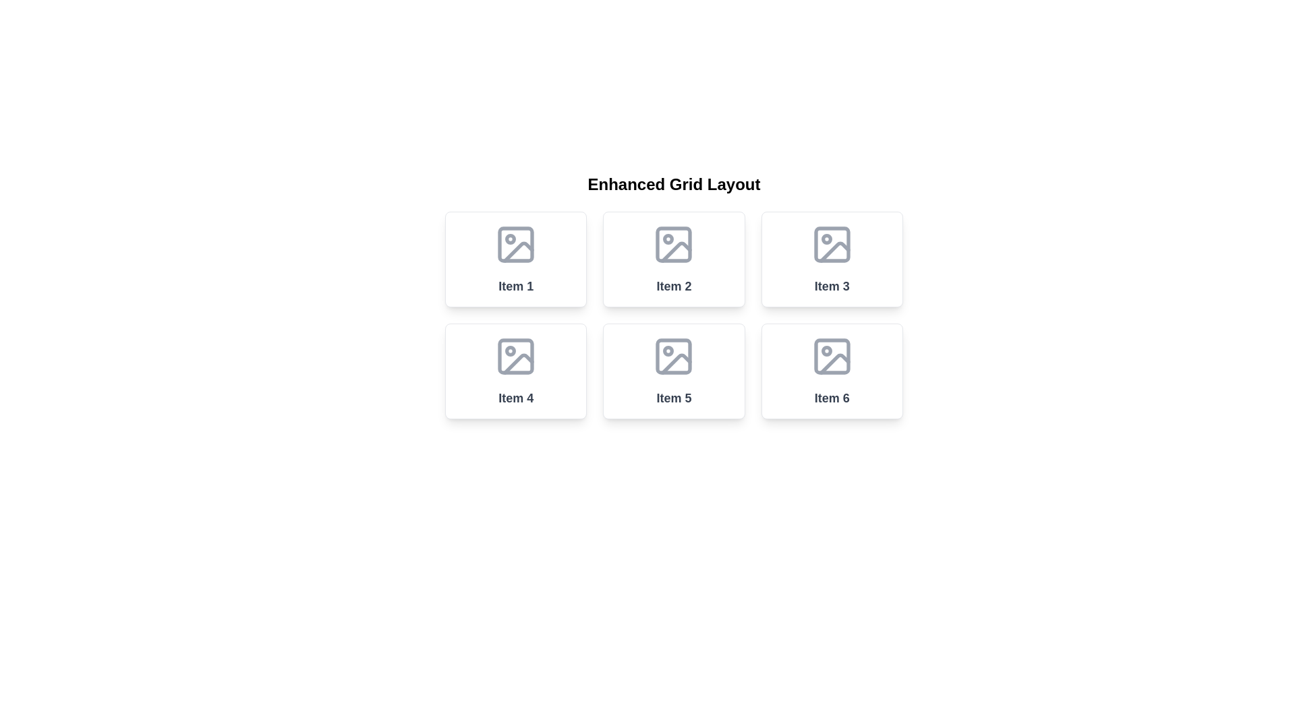 The width and height of the screenshot is (1295, 728). What do you see at coordinates (677, 252) in the screenshot?
I see `the decorative vector graphic element, which is a diagonal line located in the middle column of the top row in the grid layout, specifically in 'Item 2' of the image placeholder icon` at bounding box center [677, 252].